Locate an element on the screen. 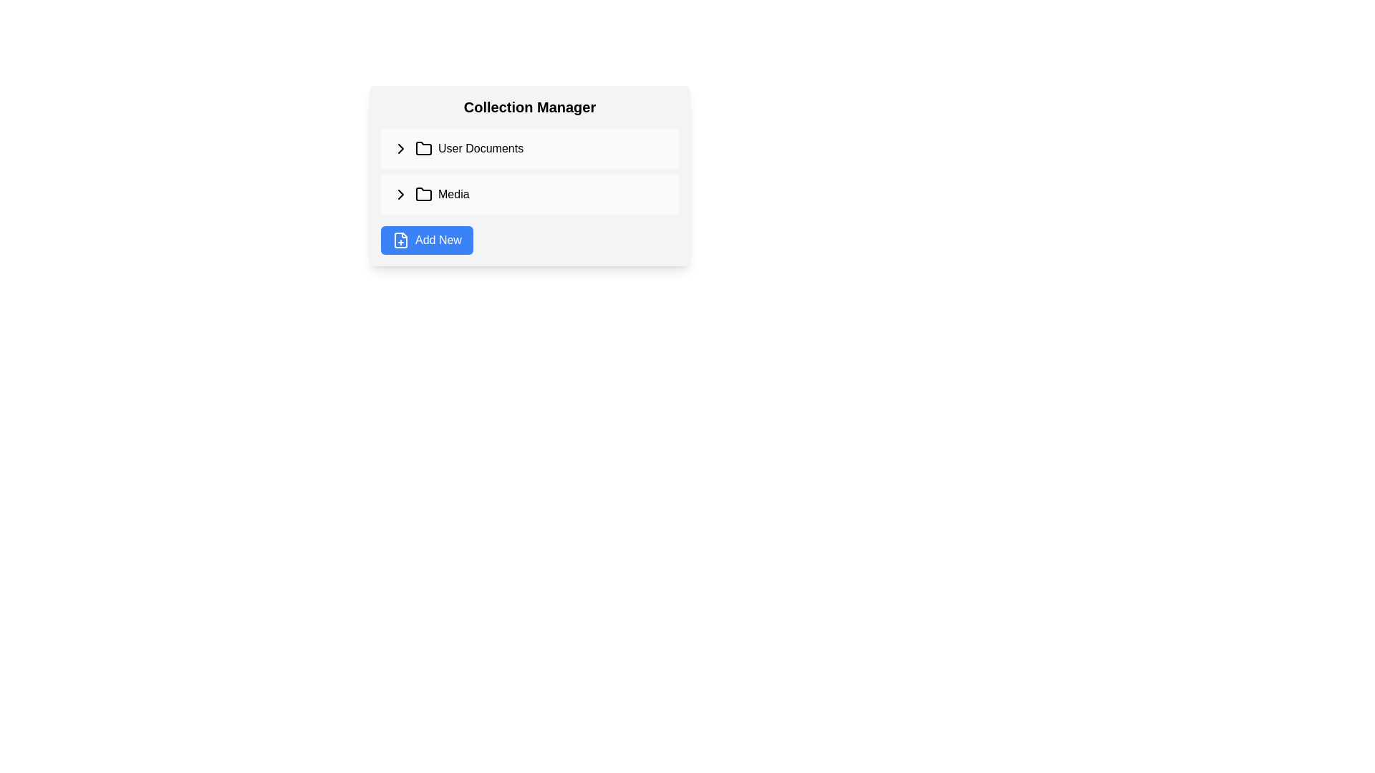  the 'Add New' button, which is a blue rectangular button with white text, located in the bottom-left corner of the 'Collection Manager' interface is located at coordinates (438, 239).